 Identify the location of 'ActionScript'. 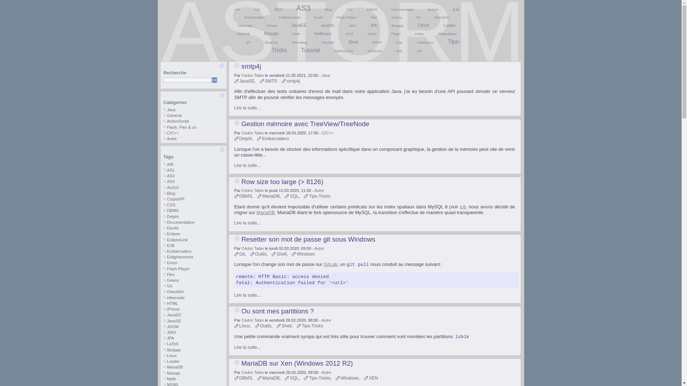
(166, 121).